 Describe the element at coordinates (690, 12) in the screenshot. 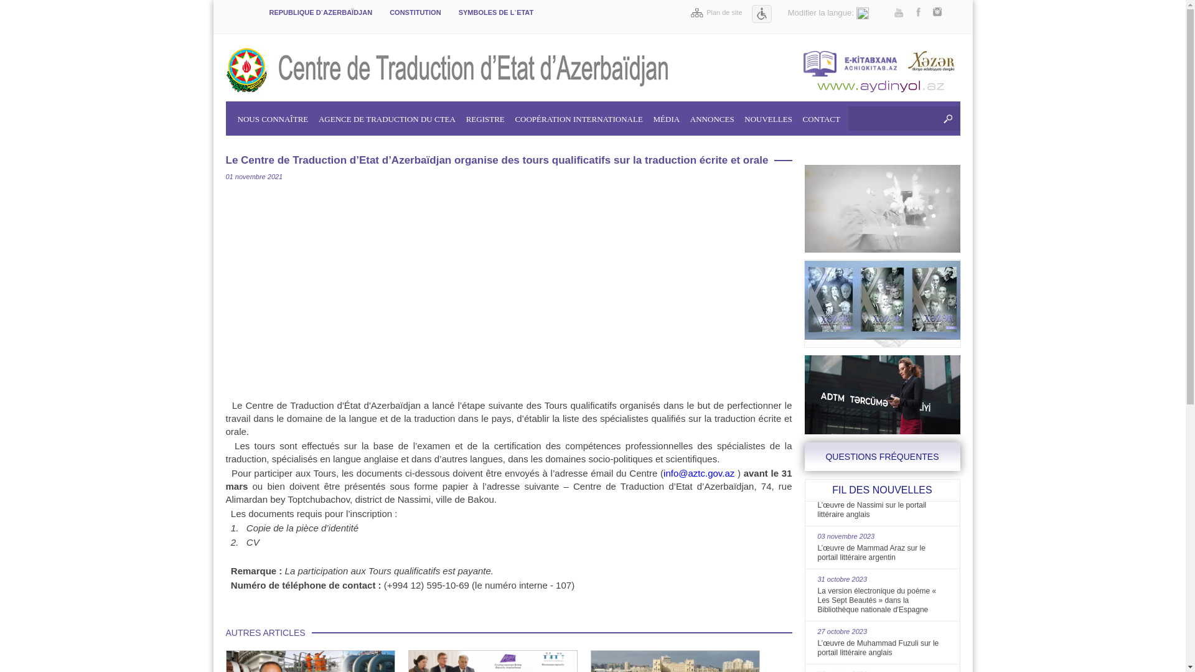

I see `'Plan de site'` at that location.